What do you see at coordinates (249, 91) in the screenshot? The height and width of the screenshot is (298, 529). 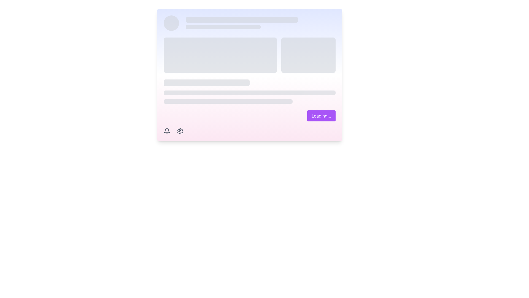 I see `the loading animation of the Loading placeholder indicator, which consists of three stacked placeholders located above the bottom row of buttons` at bounding box center [249, 91].